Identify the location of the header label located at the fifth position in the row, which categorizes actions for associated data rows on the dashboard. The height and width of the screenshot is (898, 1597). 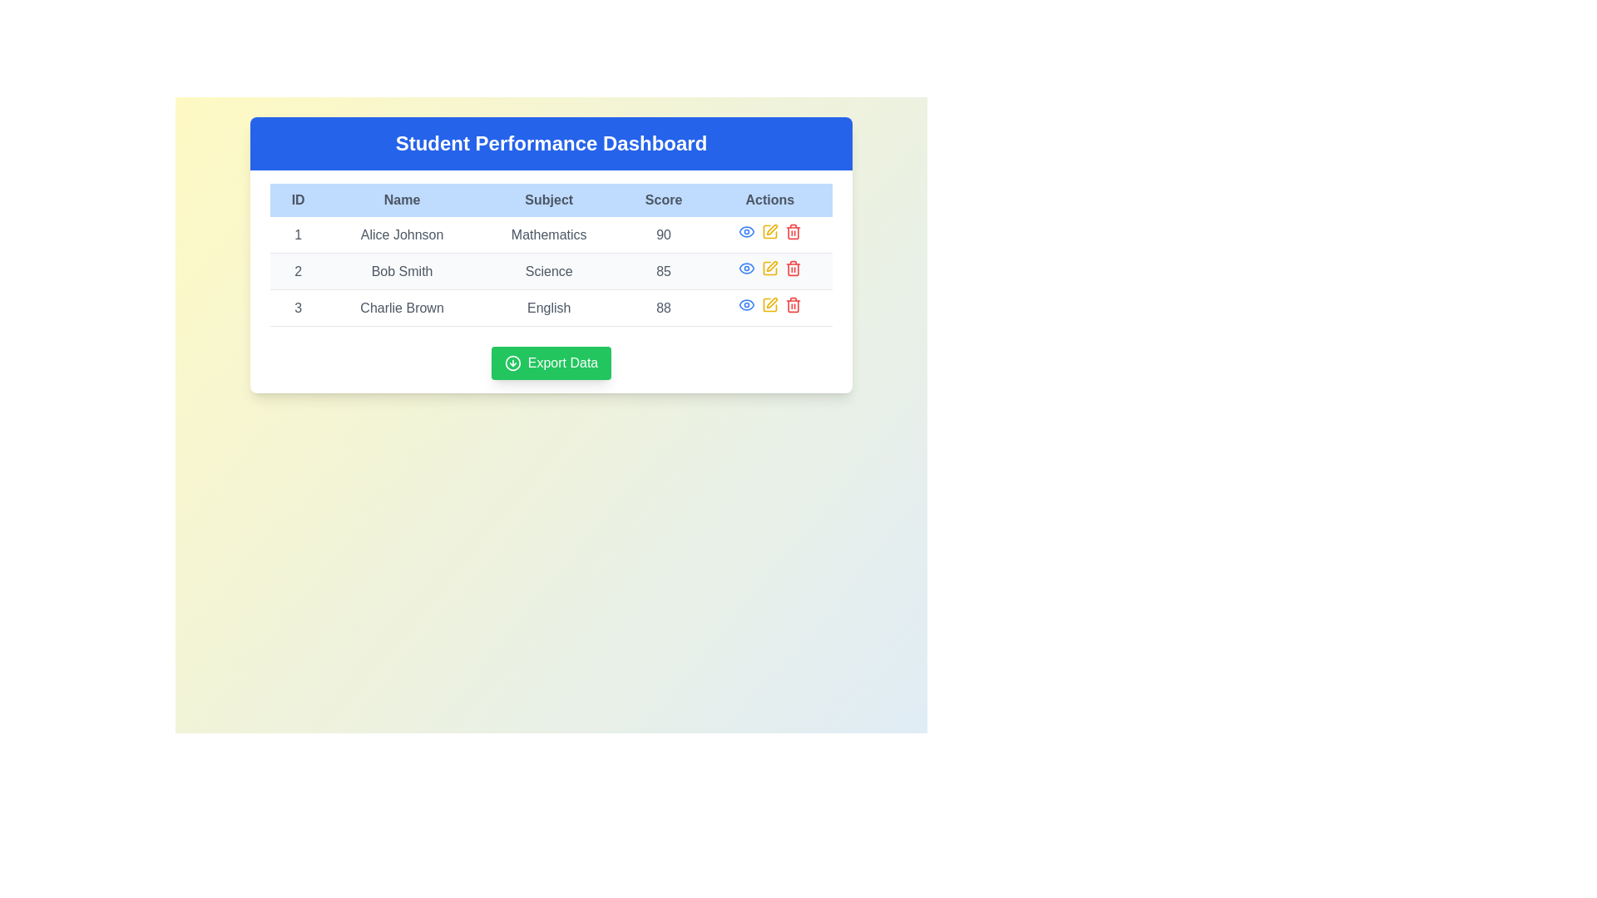
(769, 199).